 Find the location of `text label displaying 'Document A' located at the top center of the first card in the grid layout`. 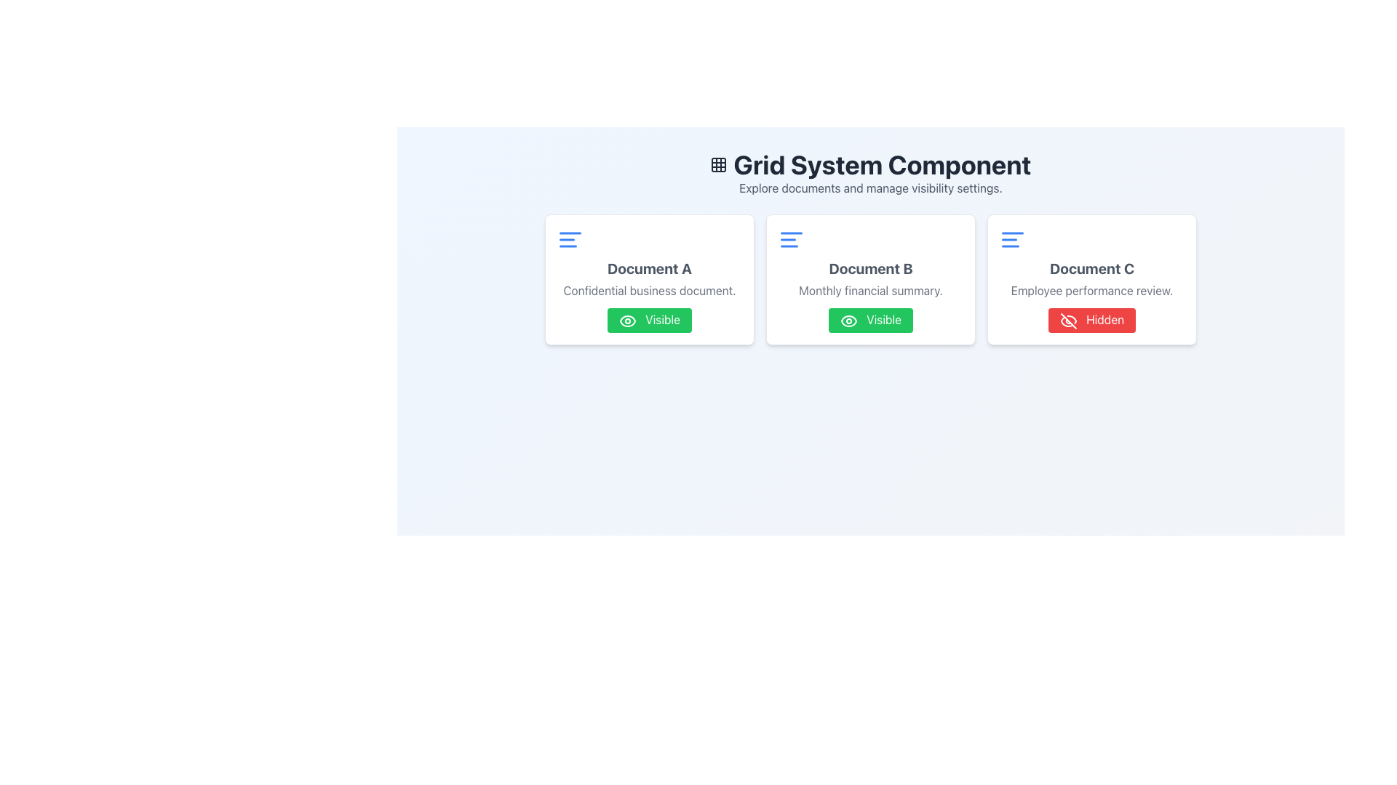

text label displaying 'Document A' located at the top center of the first card in the grid layout is located at coordinates (648, 269).